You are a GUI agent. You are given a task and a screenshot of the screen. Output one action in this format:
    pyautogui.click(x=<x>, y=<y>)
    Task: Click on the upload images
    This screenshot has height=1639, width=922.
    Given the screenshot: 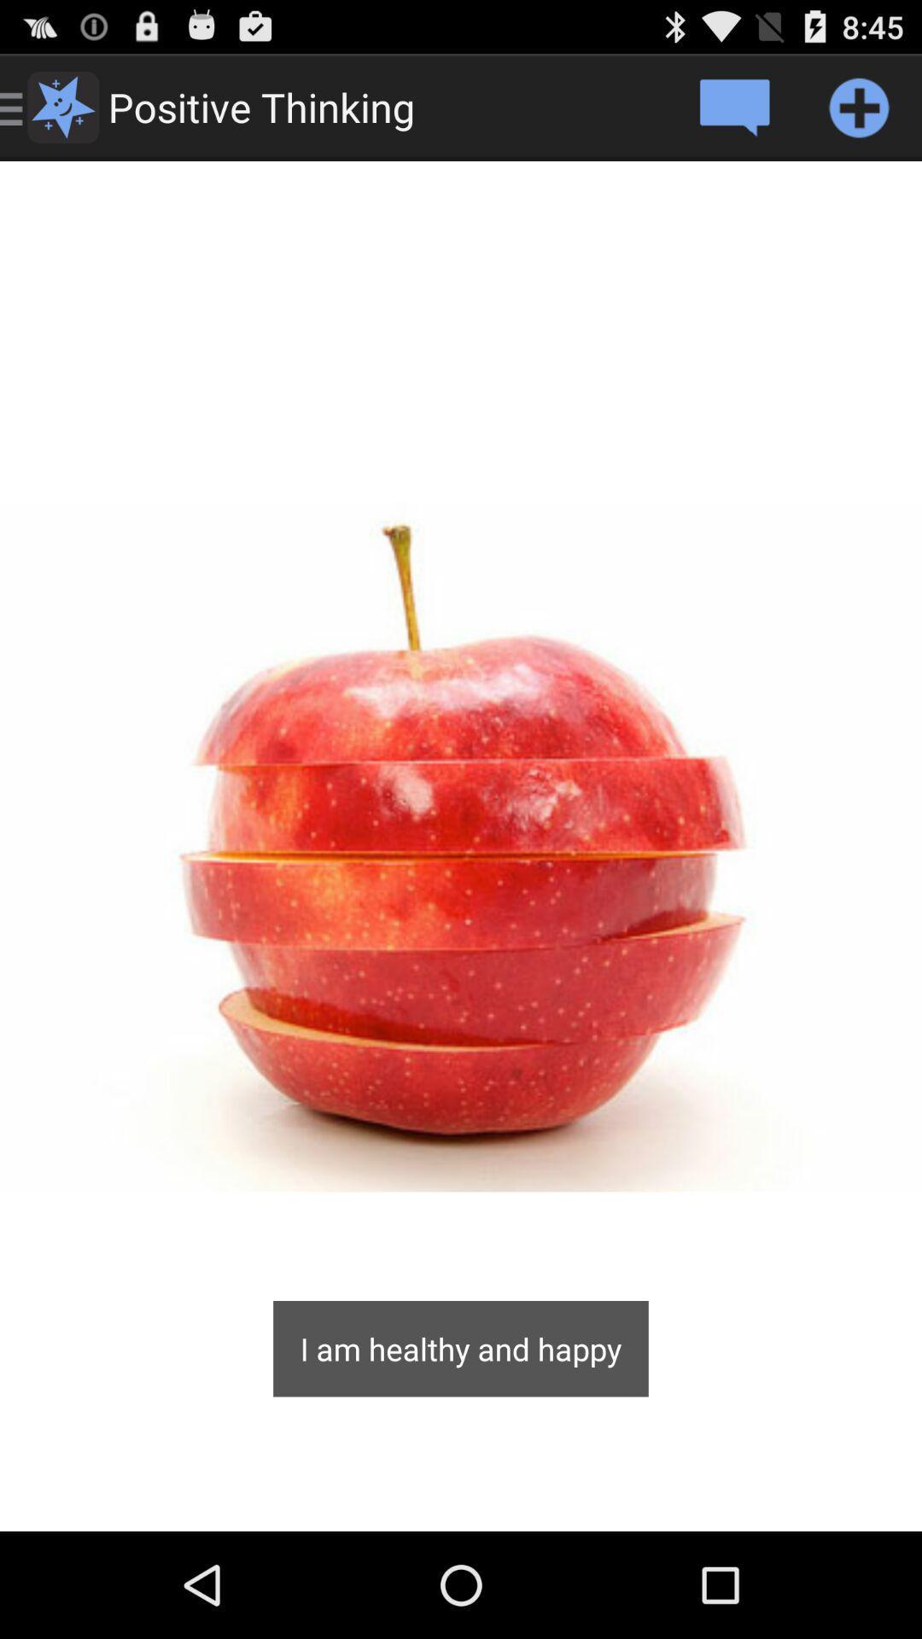 What is the action you would take?
    pyautogui.click(x=859, y=106)
    